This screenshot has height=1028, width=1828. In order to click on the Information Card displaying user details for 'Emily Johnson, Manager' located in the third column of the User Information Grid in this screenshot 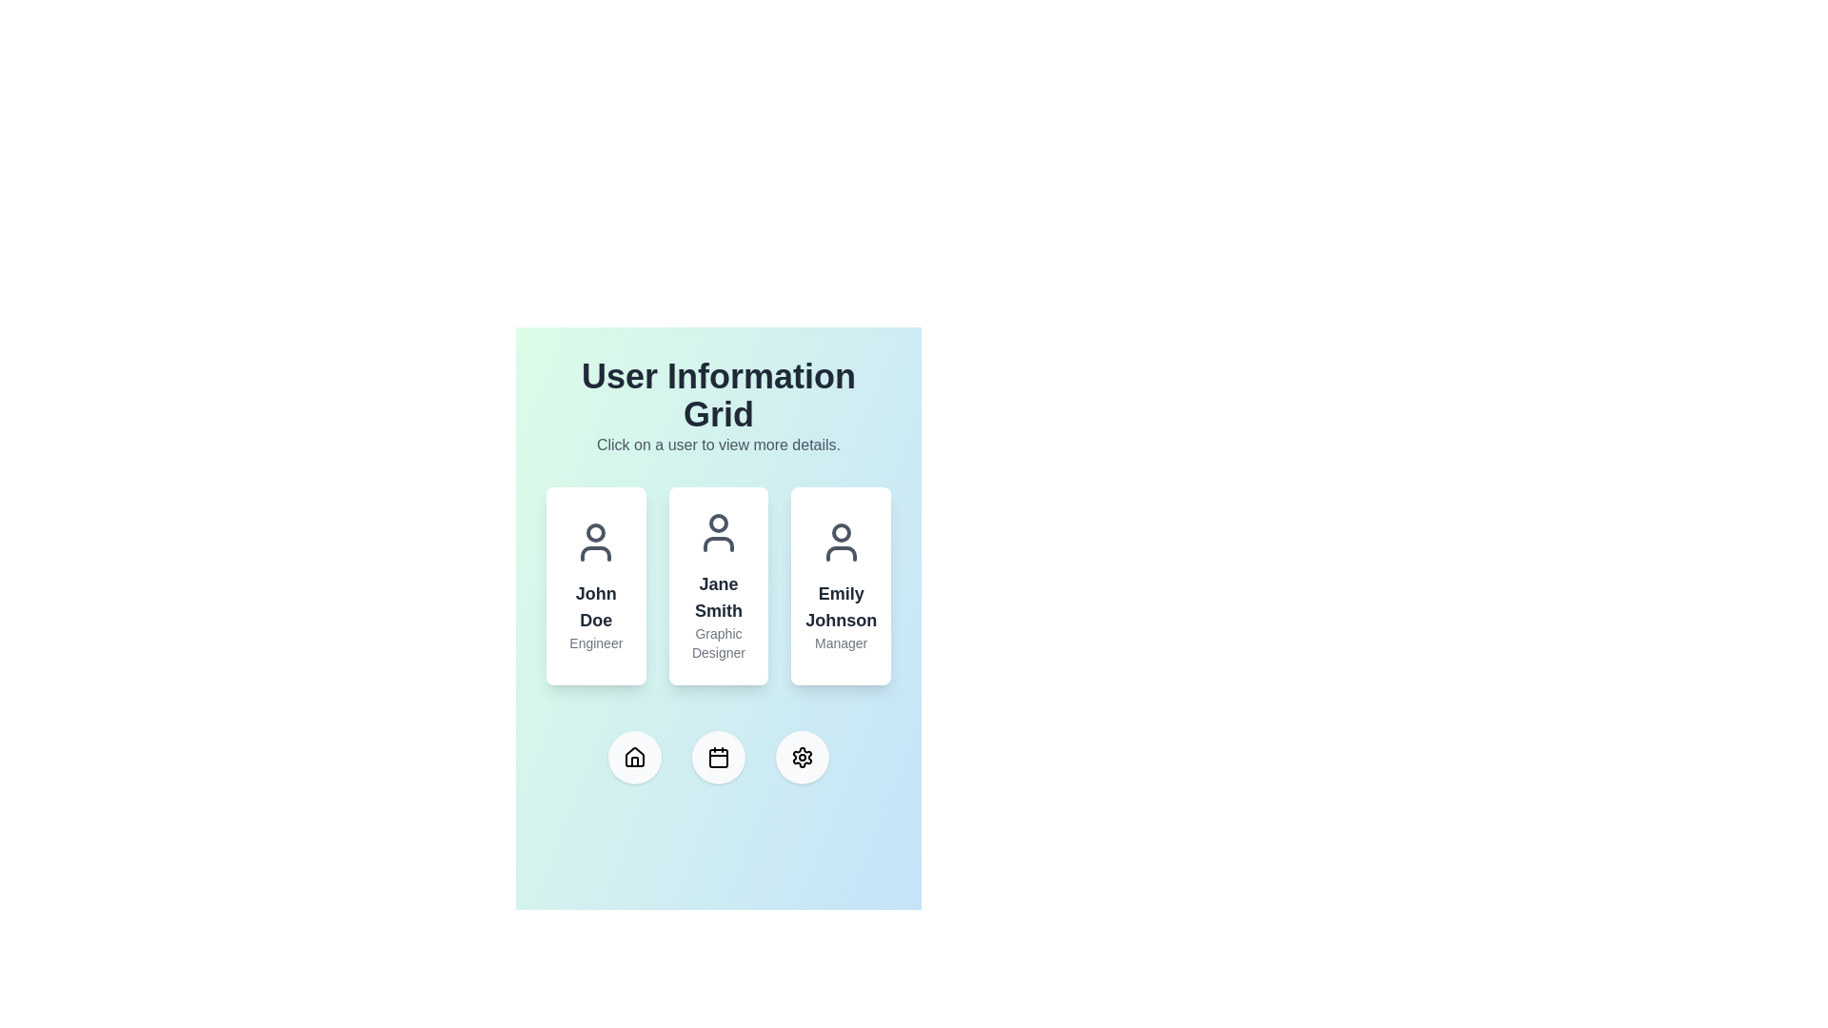, I will do `click(840, 585)`.